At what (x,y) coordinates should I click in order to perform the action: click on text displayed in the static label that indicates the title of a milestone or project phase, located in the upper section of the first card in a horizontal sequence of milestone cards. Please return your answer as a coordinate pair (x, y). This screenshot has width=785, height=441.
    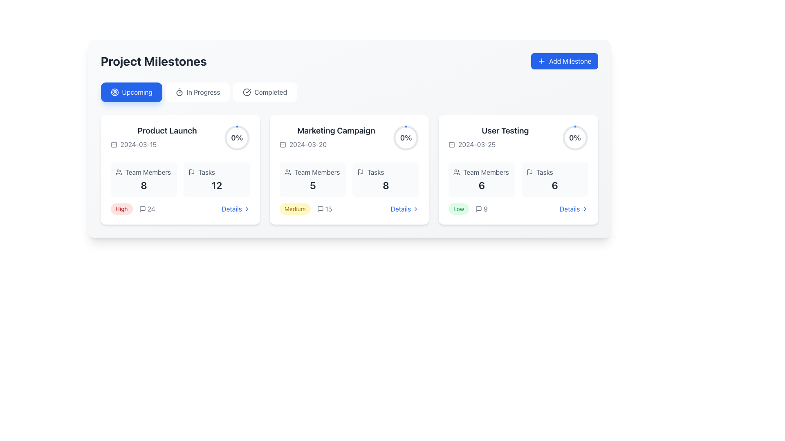
    Looking at the image, I should click on (167, 130).